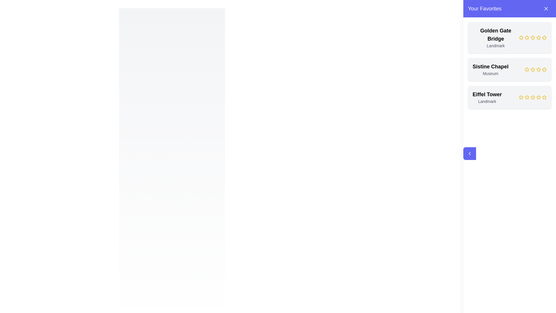 This screenshot has width=556, height=313. Describe the element at coordinates (533, 38) in the screenshot. I see `the third rating star under the text 'Golden Gate Bridge' to rate it` at that location.